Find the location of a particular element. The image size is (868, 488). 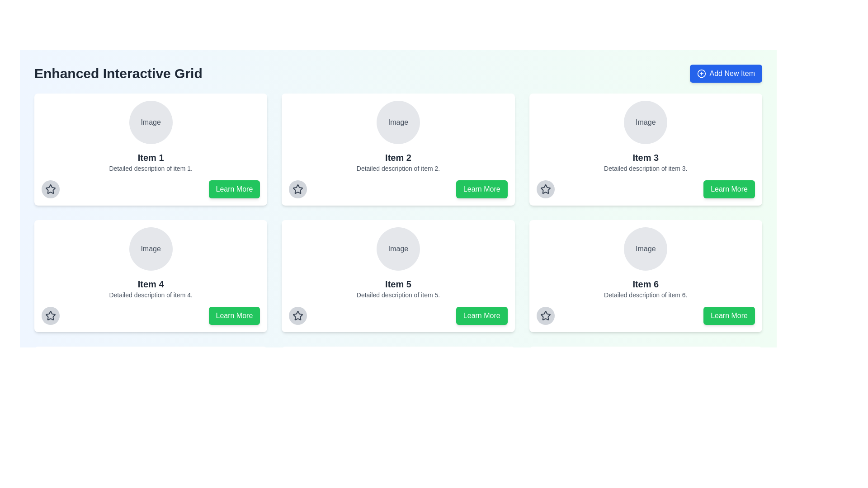

the text label or heading located in the middle-top card of a six-card grid layout is located at coordinates (645, 157).